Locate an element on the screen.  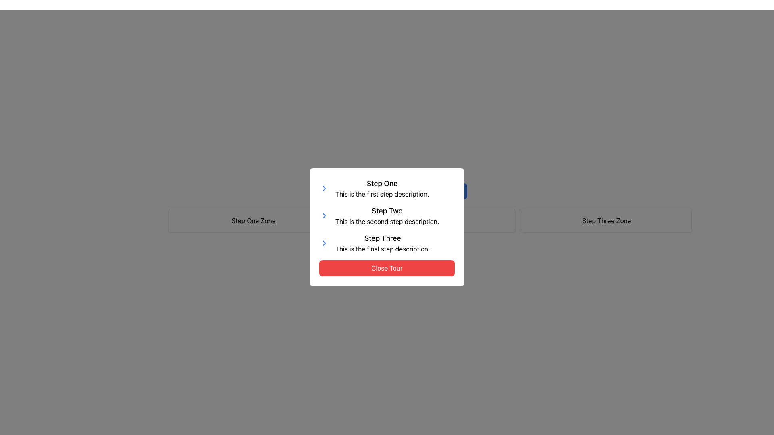
the static text that contains 'This is the second step description.' to potentially reveal additional information is located at coordinates (387, 222).